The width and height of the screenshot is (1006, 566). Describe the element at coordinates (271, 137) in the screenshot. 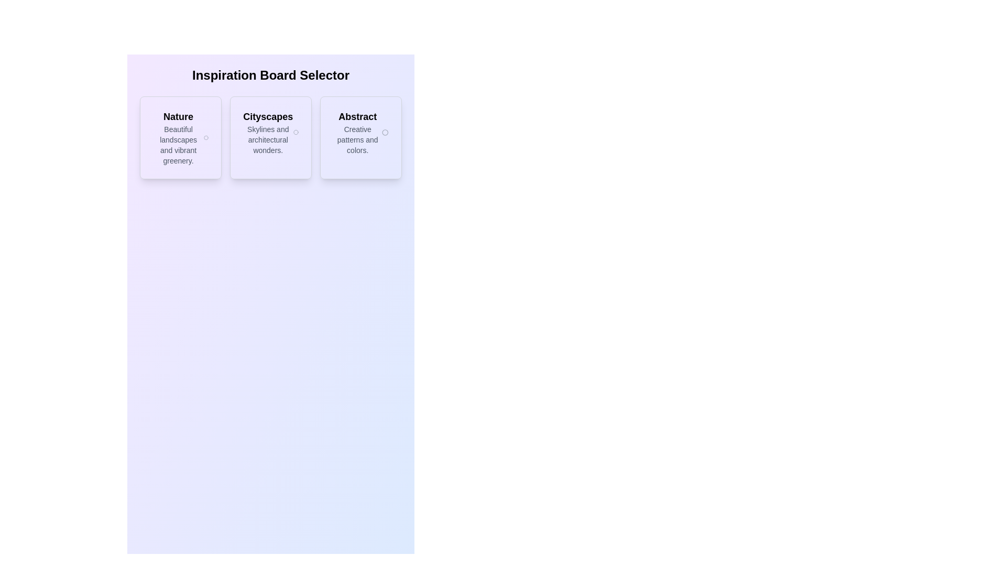

I see `the 'Cityscapes' selectable card, which is the second card in a horizontal list` at that location.